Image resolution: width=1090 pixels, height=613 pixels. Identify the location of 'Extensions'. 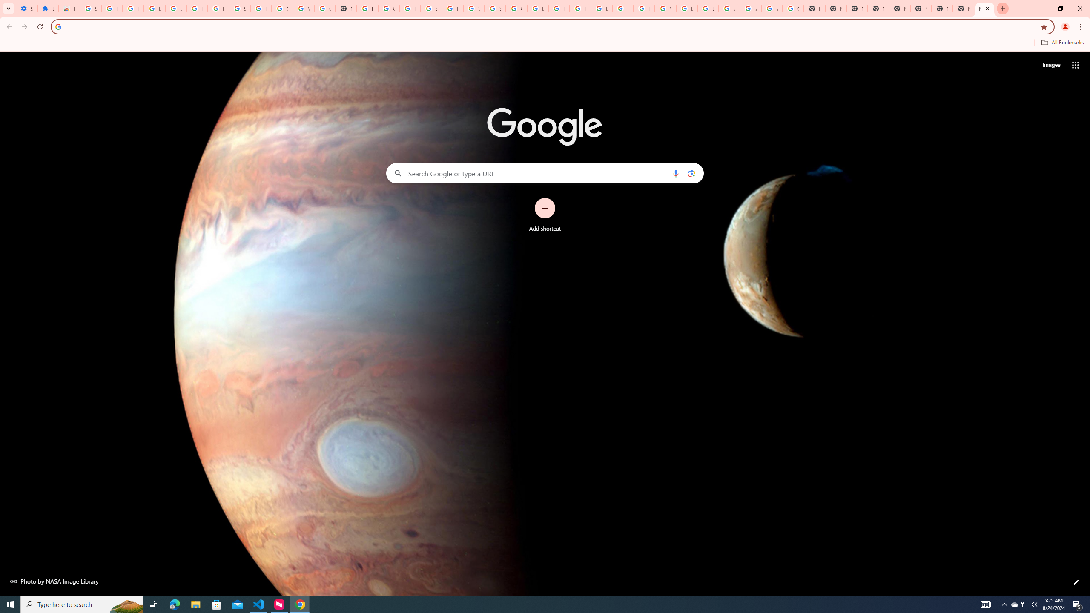
(47, 8).